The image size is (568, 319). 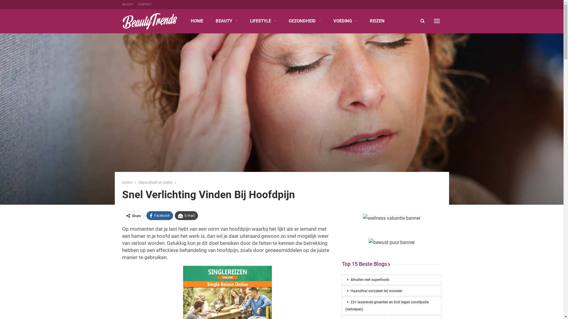 What do you see at coordinates (185, 20) in the screenshot?
I see `'HOME'` at bounding box center [185, 20].